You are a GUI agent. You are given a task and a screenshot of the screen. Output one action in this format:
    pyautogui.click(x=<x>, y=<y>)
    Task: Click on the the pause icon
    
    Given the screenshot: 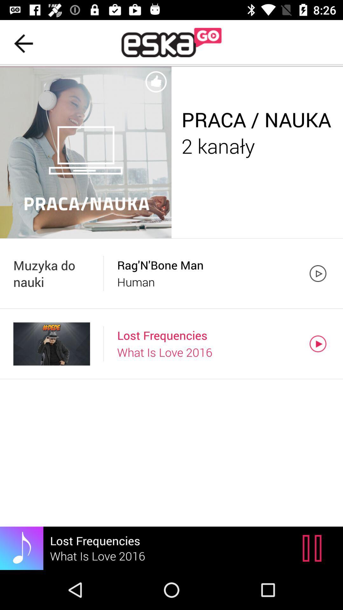 What is the action you would take?
    pyautogui.click(x=313, y=548)
    